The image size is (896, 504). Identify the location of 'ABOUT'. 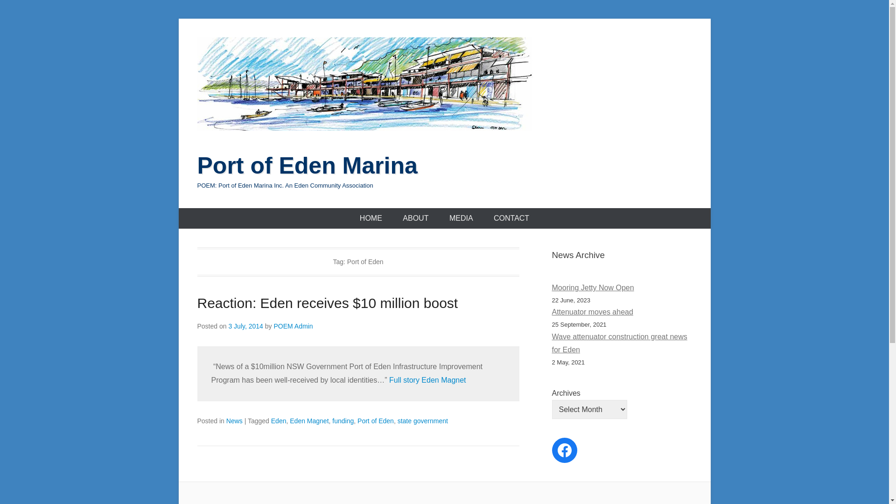
(415, 218).